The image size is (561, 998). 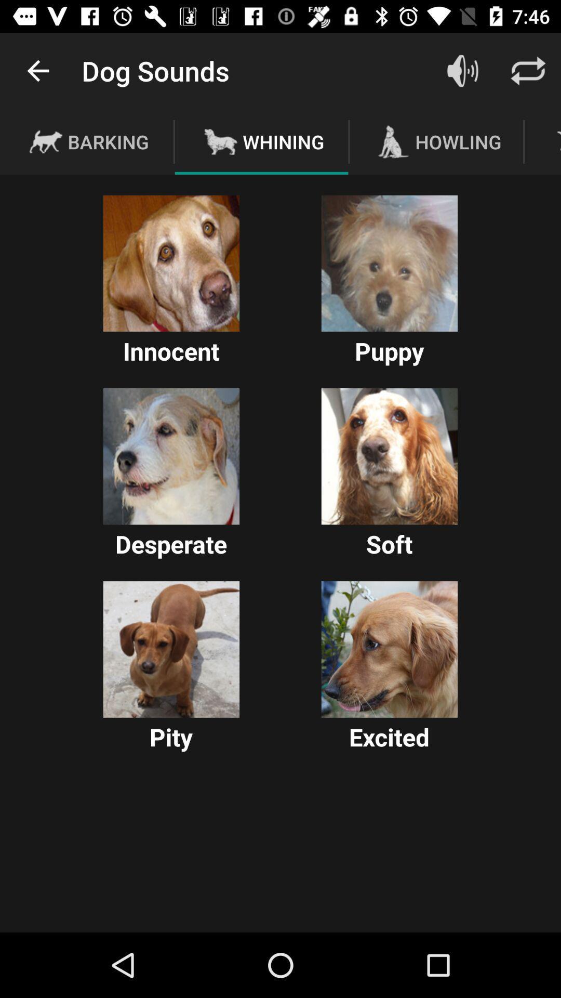 What do you see at coordinates (389, 649) in the screenshot?
I see `dog face labeled excited` at bounding box center [389, 649].